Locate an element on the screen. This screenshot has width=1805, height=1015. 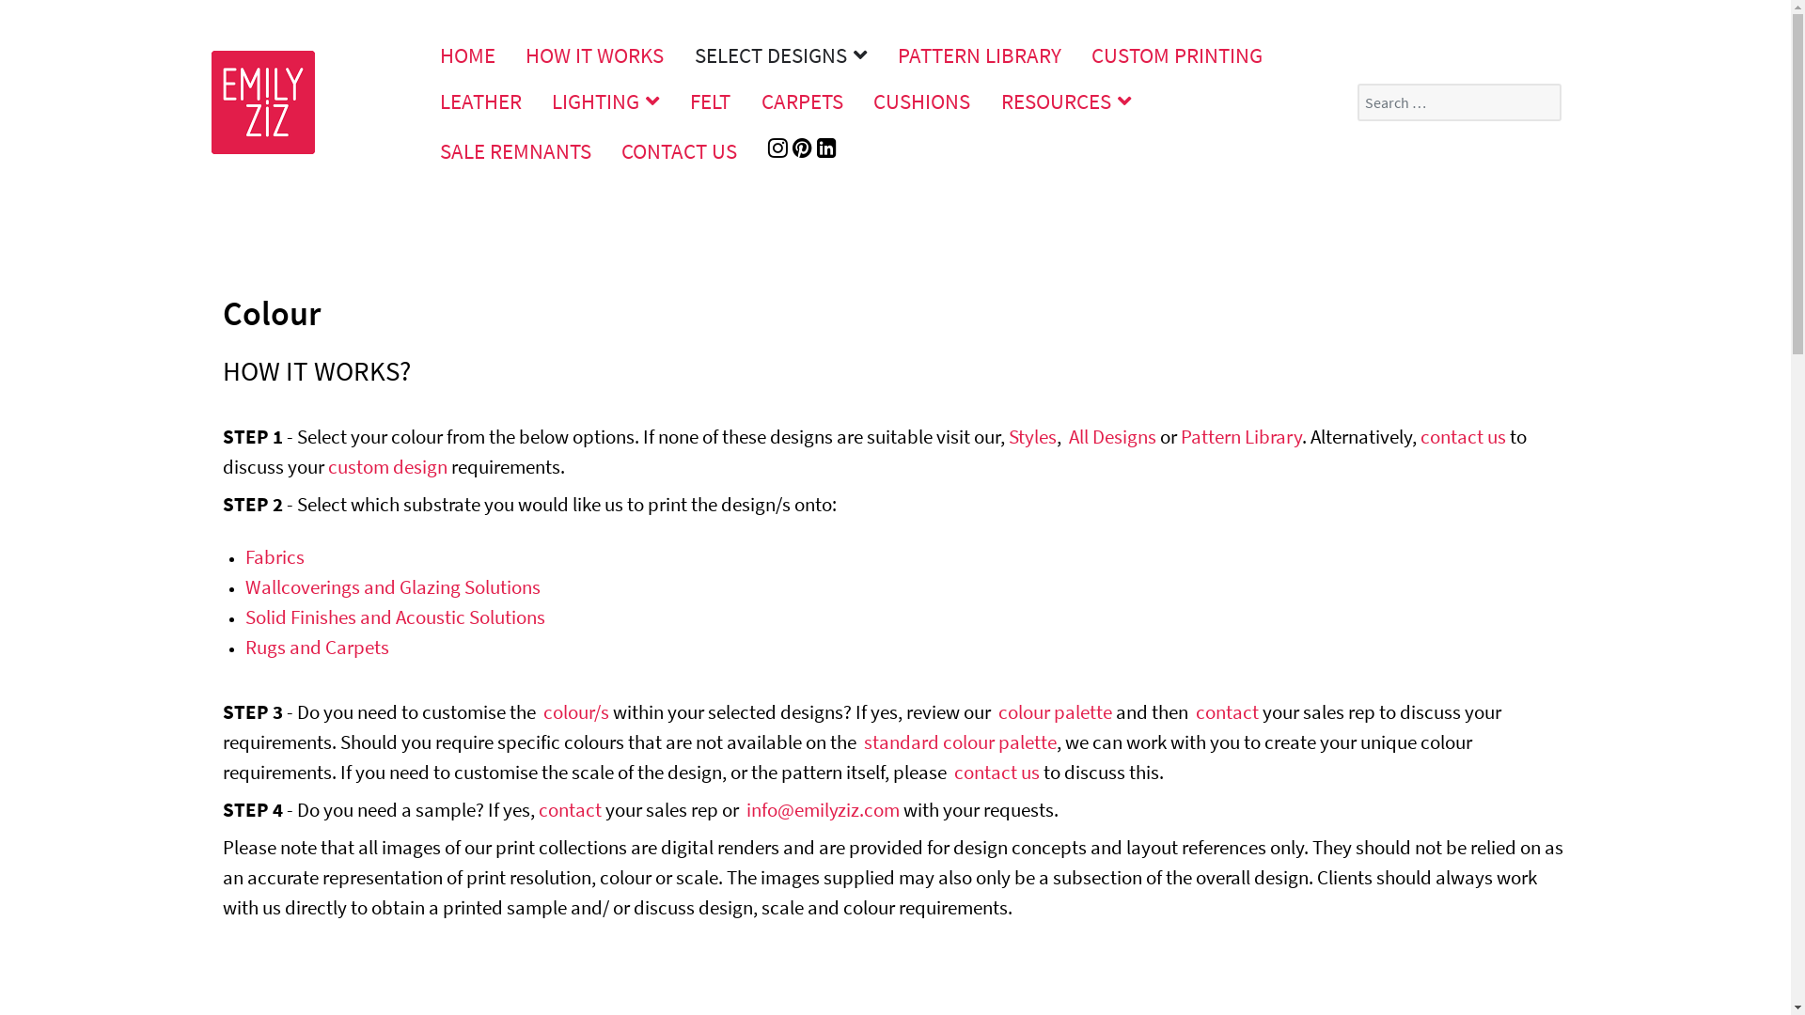
'LIGHTING' is located at coordinates (605, 101).